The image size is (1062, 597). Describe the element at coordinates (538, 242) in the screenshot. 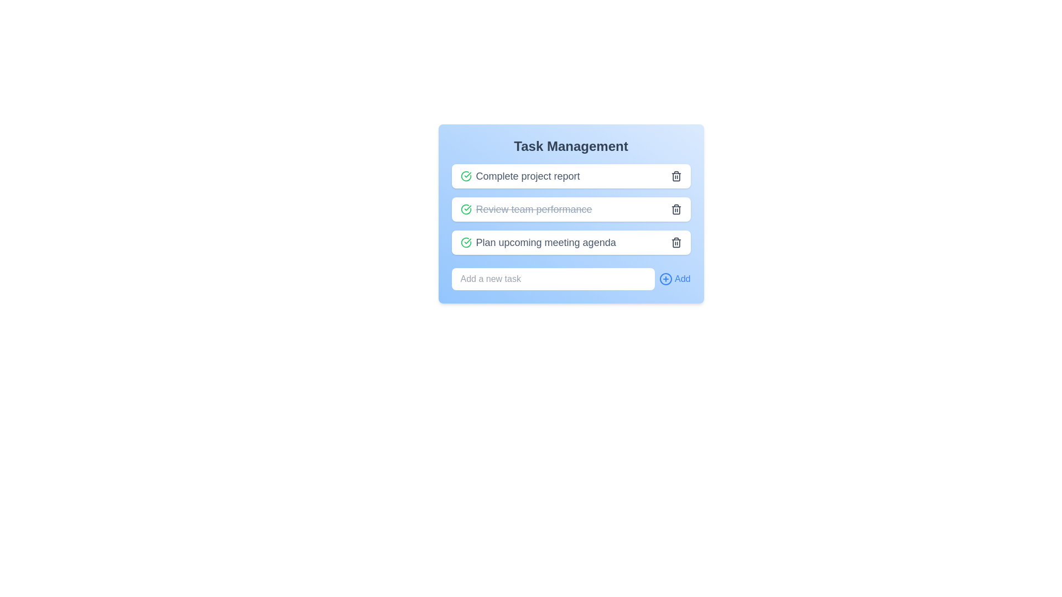

I see `text label 'Plan upcoming meeting agenda' which is displayed in a large, bold, gray-colored font next to a green checkmark icon, positioned in the third task of the Task Management card` at that location.